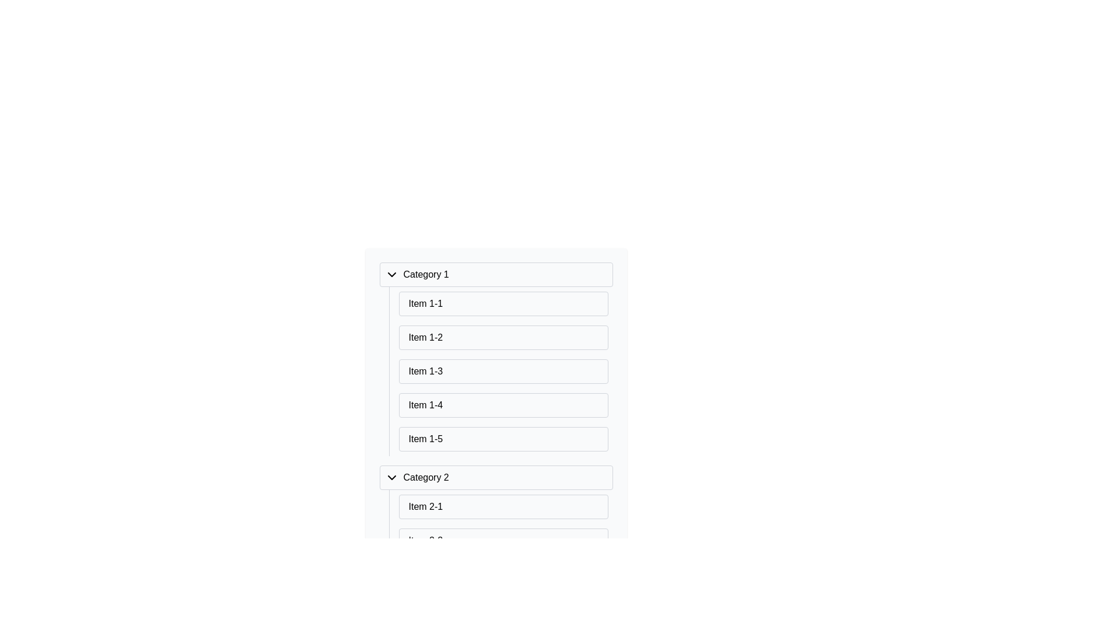 The height and width of the screenshot is (630, 1120). I want to click on the first selectable list item in the 'Category 2' section, so click(503, 506).